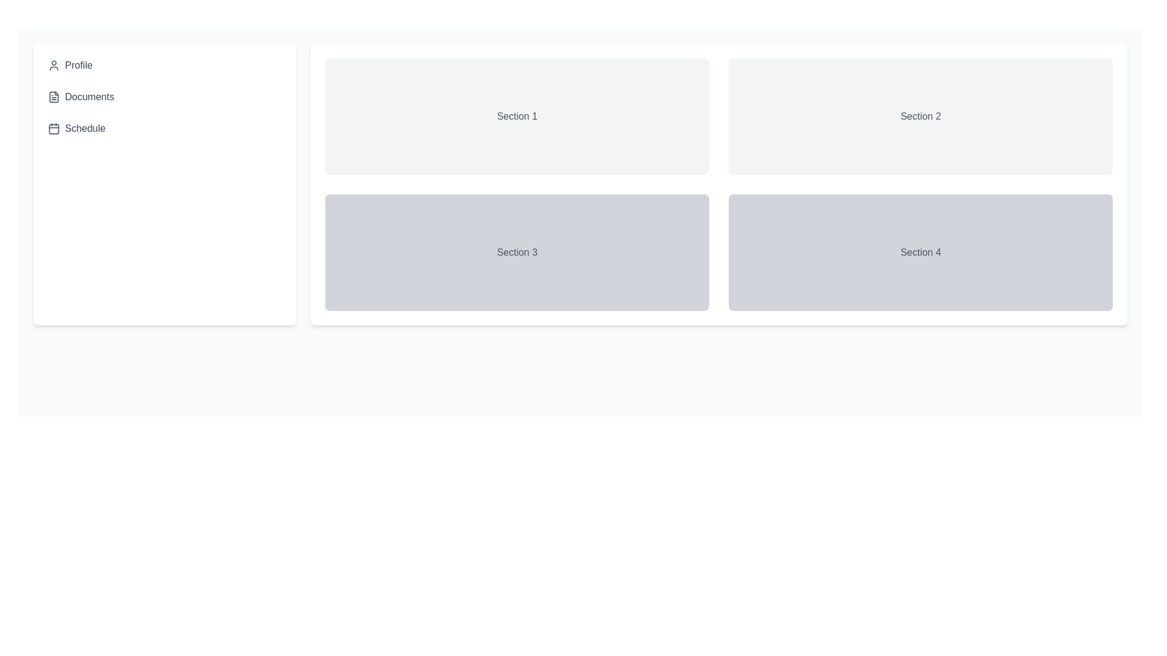 This screenshot has width=1167, height=656. What do you see at coordinates (53, 129) in the screenshot?
I see `the 'Schedule' icon located in the third row of the left-hand menu` at bounding box center [53, 129].